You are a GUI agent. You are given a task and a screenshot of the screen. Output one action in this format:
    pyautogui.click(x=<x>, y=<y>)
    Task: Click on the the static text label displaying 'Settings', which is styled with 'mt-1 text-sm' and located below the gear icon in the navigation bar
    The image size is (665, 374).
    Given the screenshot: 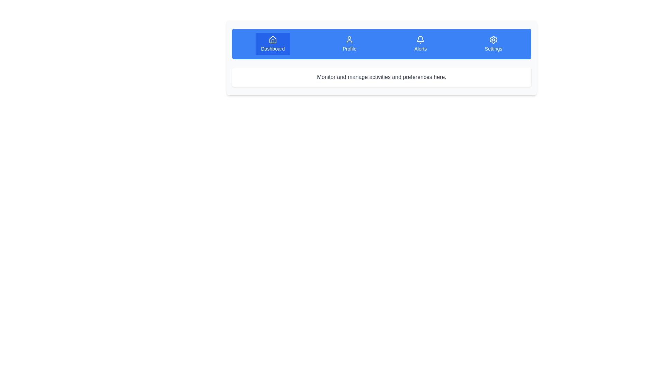 What is the action you would take?
    pyautogui.click(x=493, y=48)
    